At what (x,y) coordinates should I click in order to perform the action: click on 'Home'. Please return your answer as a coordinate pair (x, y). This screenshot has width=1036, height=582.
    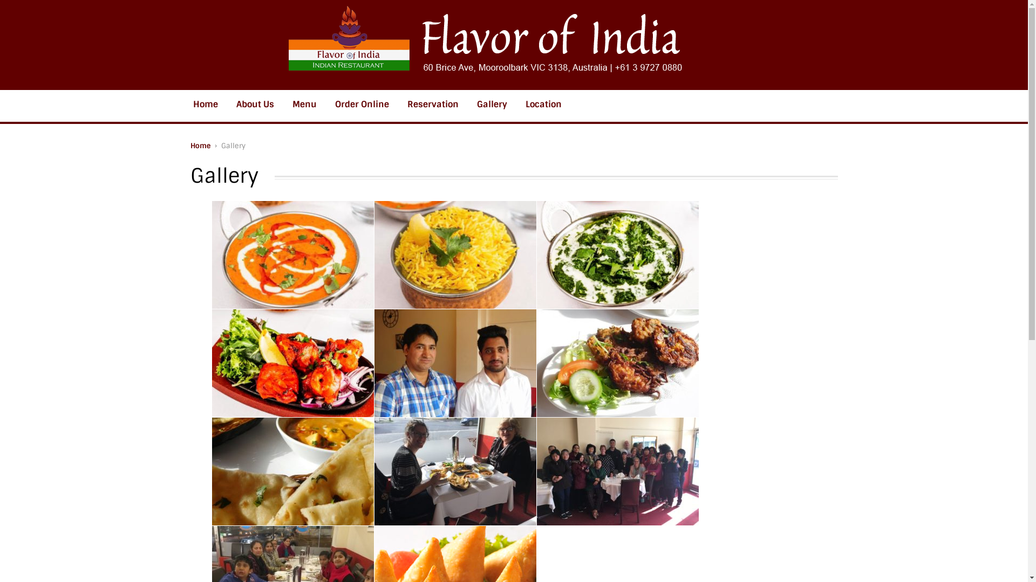
    Looking at the image, I should click on (205, 104).